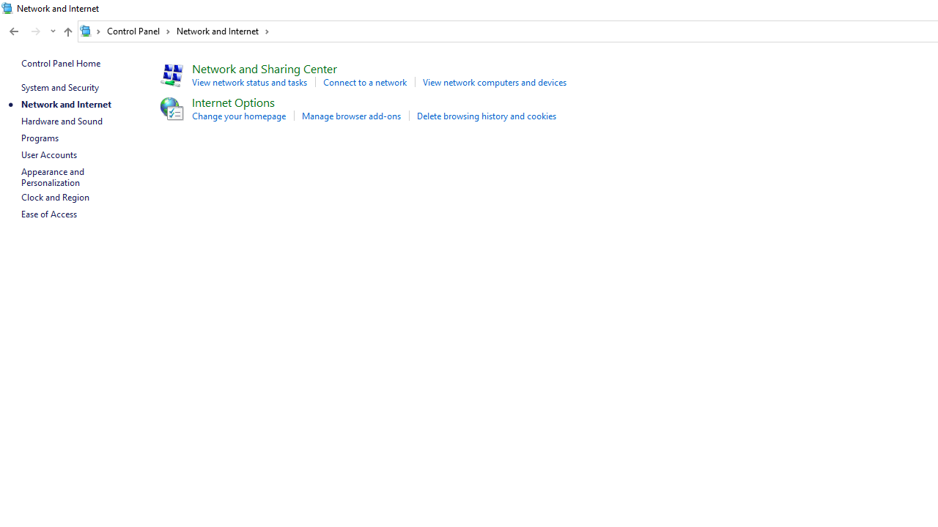 Image resolution: width=938 pixels, height=527 pixels. What do you see at coordinates (139, 31) in the screenshot?
I see `'Control Panel'` at bounding box center [139, 31].